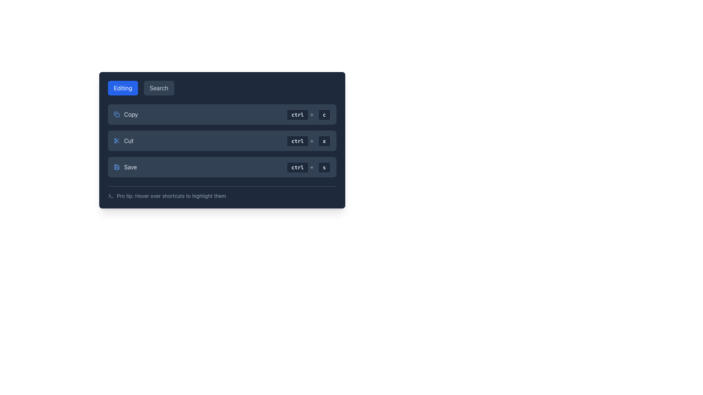 The width and height of the screenshot is (703, 395). Describe the element at coordinates (171, 196) in the screenshot. I see `the text label located at the bottom of the section` at that location.